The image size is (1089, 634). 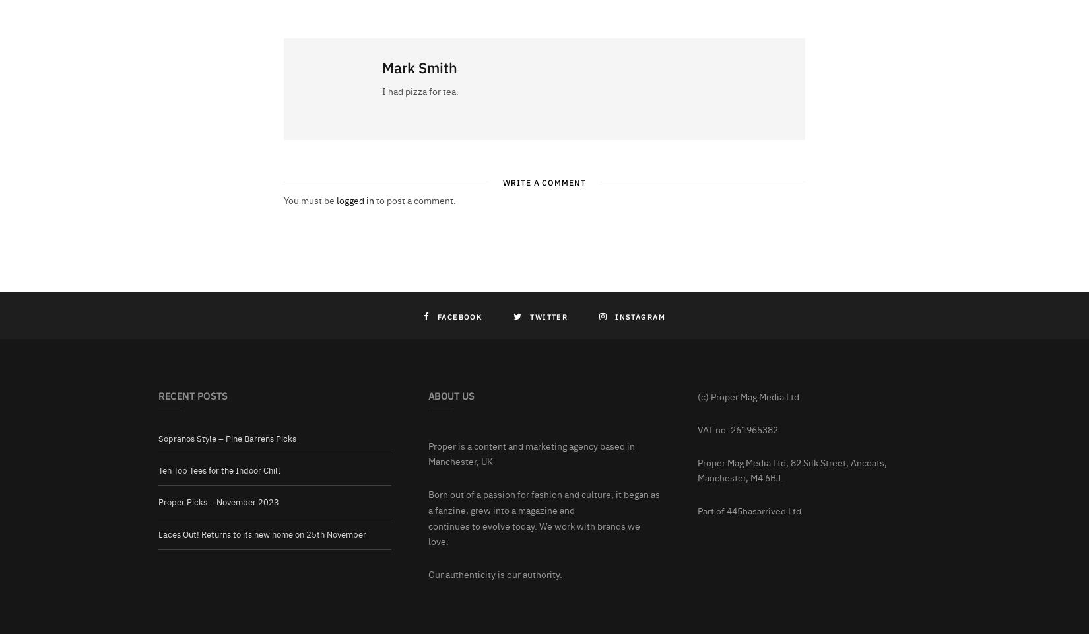 I want to click on 'Recent Posts', so click(x=158, y=395).